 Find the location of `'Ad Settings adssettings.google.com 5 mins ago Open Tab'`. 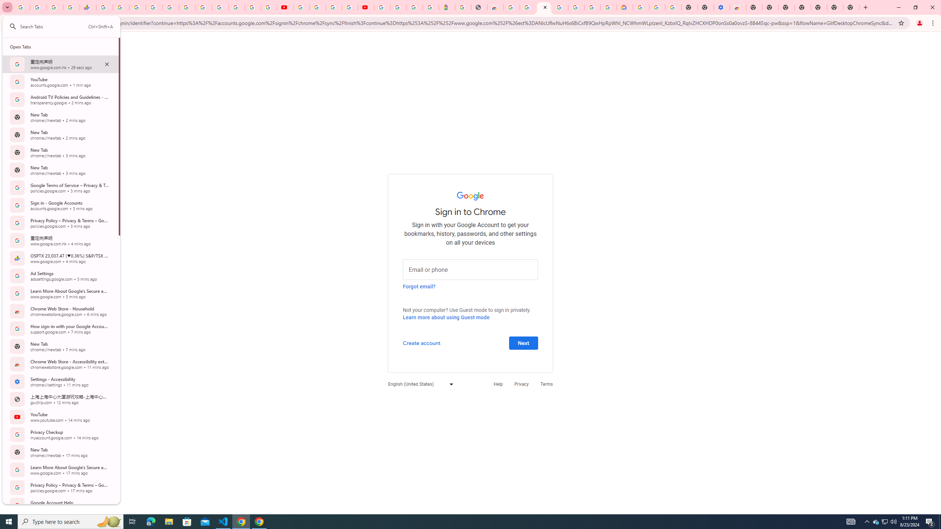

'Ad Settings adssettings.google.com 5 mins ago Open Tab' is located at coordinates (60, 276).